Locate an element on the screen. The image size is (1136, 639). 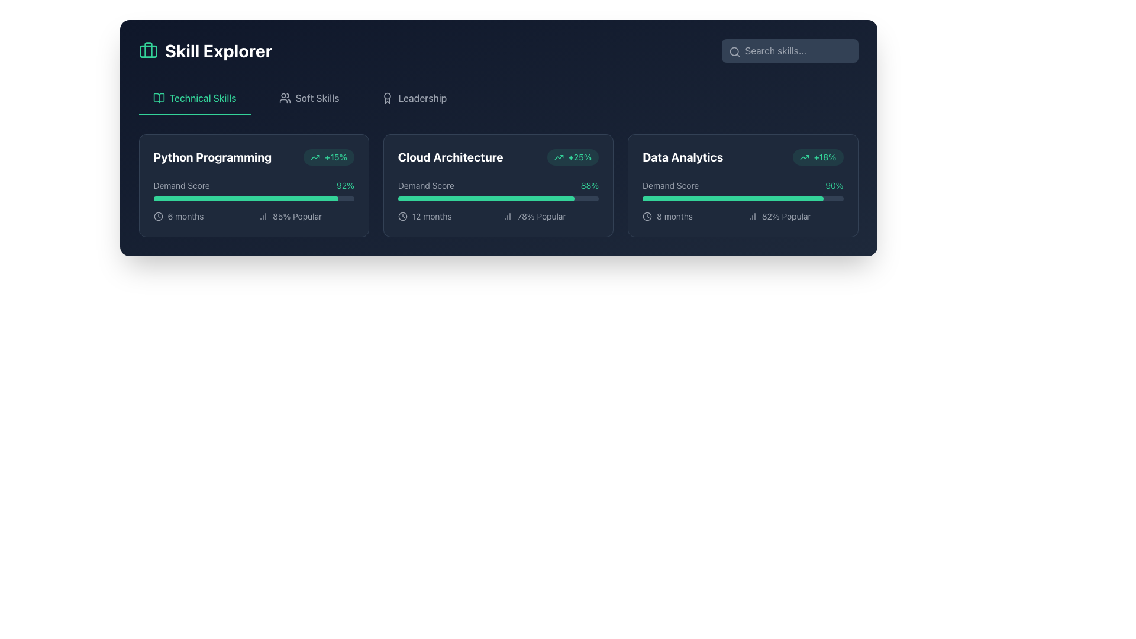
the progress bar located within the 'Cloud Architecture' card, positioned below the 'Demand Score' label and '88%' text, which is a thin horizontal bar partially filled with emerald green is located at coordinates (498, 198).